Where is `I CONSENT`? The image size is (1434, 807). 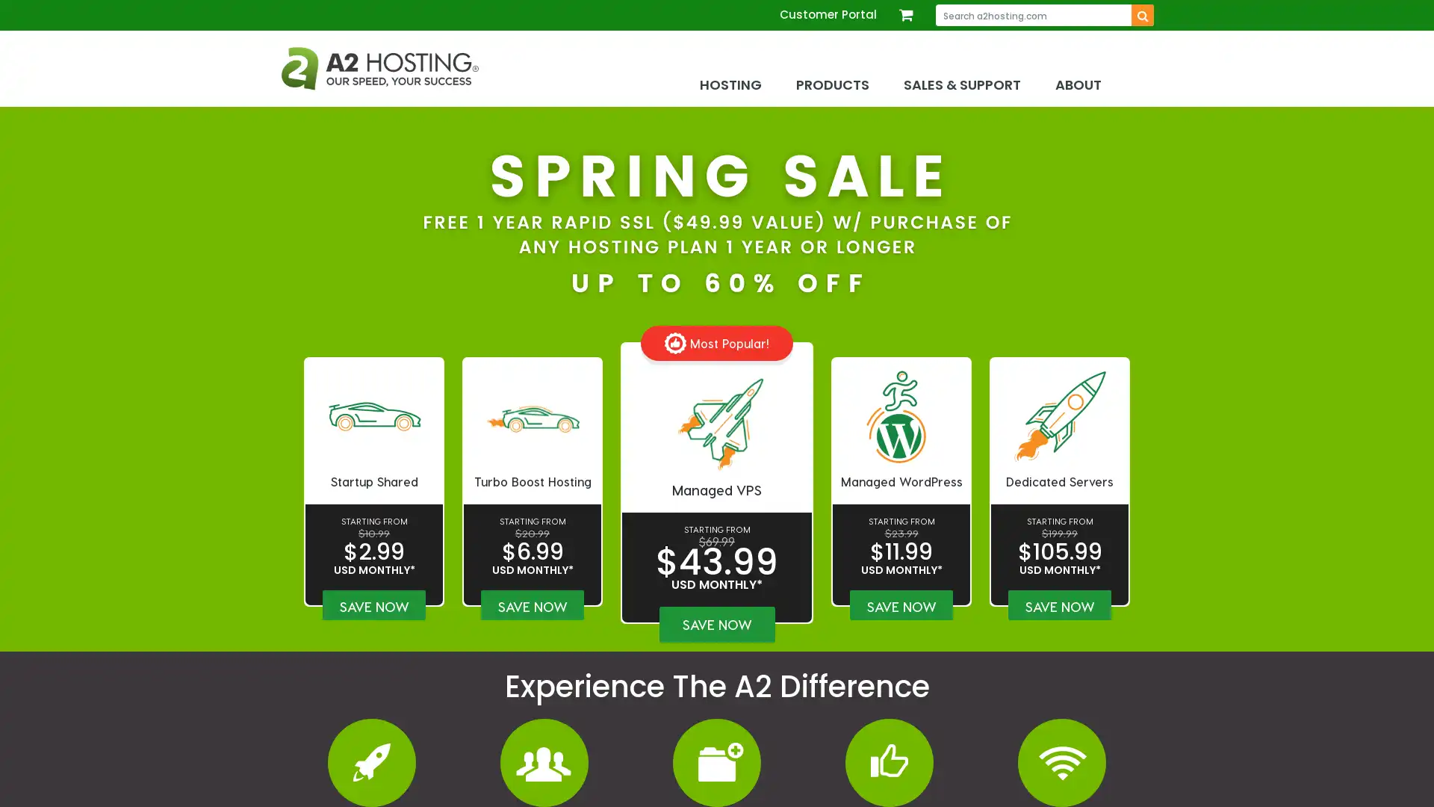 I CONSENT is located at coordinates (1123, 783).